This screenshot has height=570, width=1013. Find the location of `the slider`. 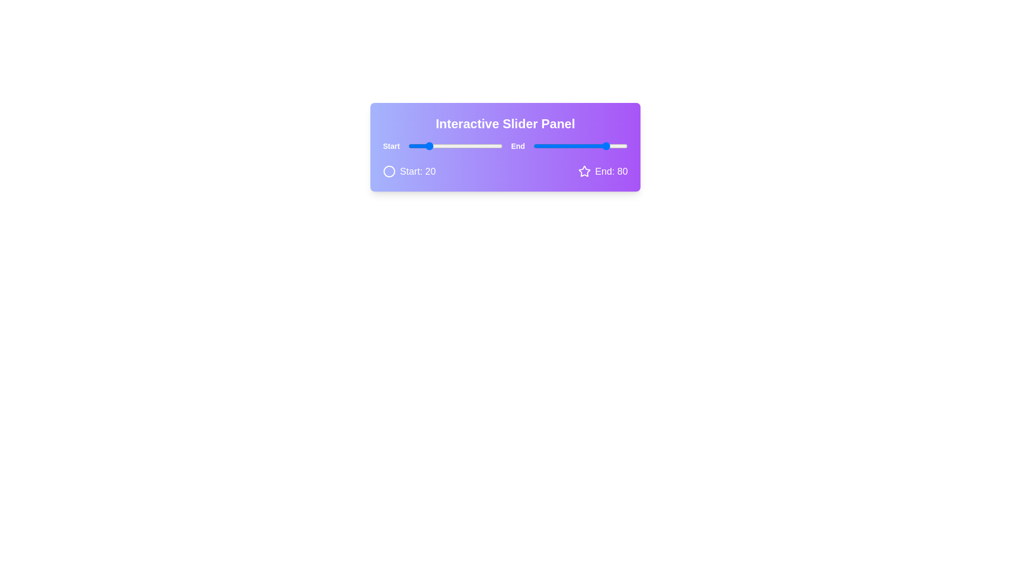

the slider is located at coordinates (538, 146).